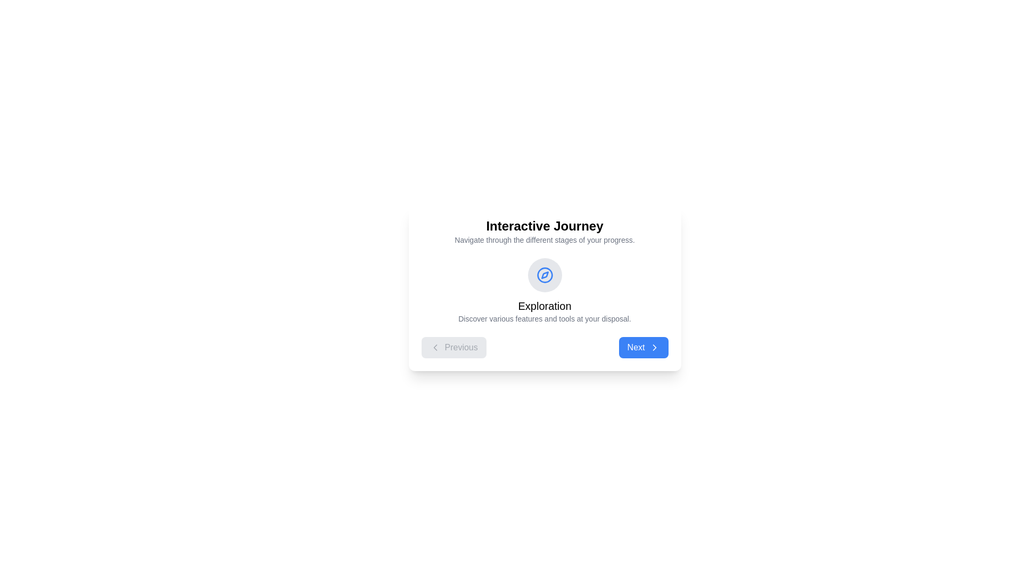 This screenshot has height=575, width=1022. I want to click on the forward navigation icon located at the rightmost end of the 'Next' button to enhance accessibility interactions, so click(654, 347).